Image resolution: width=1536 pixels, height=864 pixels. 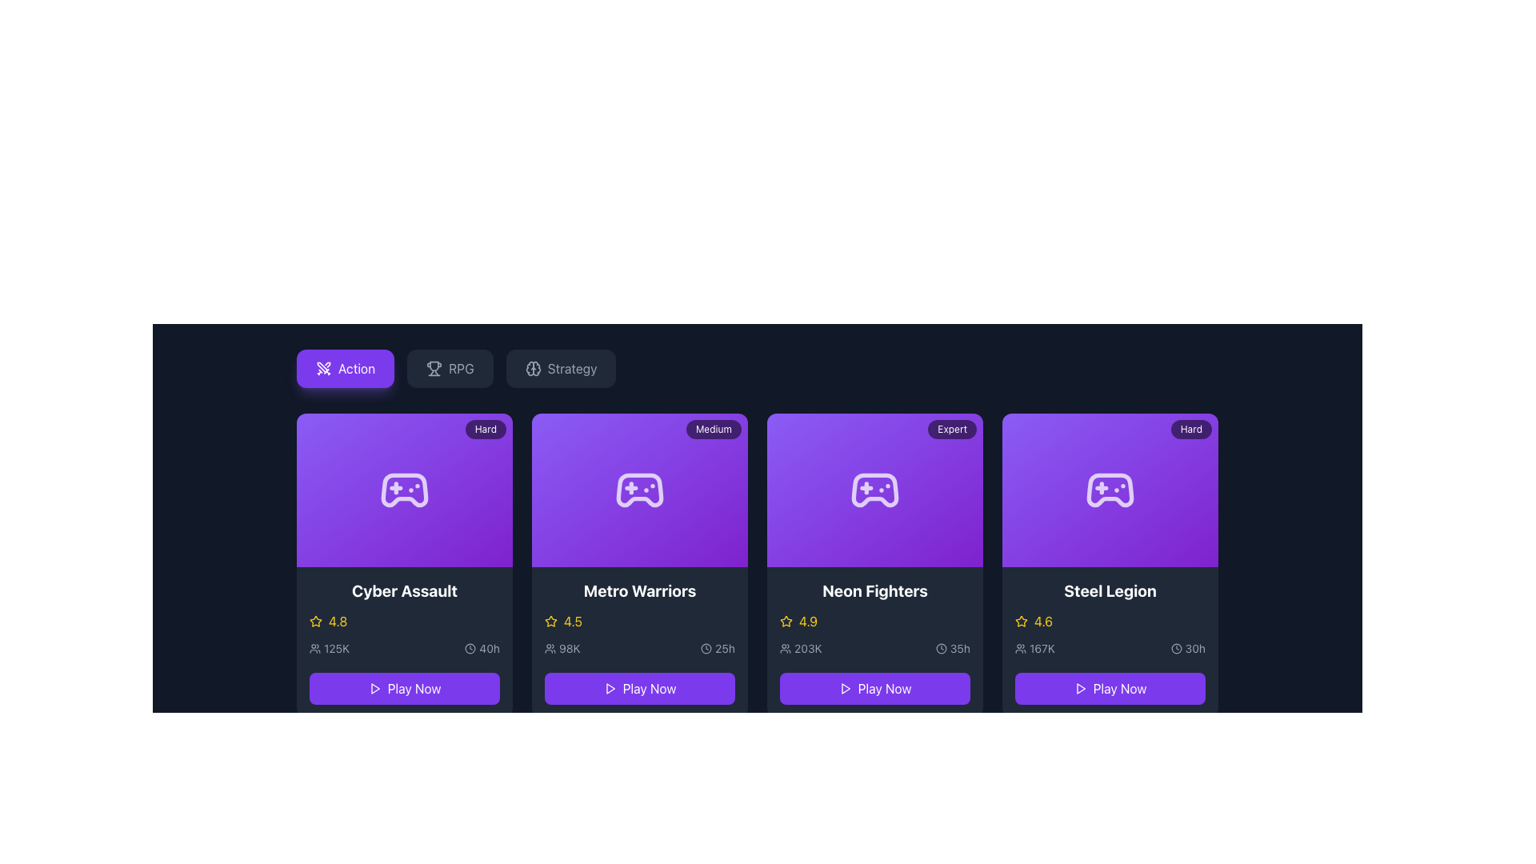 I want to click on the circular graphical element resembling a clock or button, located at the top-right of the 'Cyber Assault' card, so click(x=470, y=648).